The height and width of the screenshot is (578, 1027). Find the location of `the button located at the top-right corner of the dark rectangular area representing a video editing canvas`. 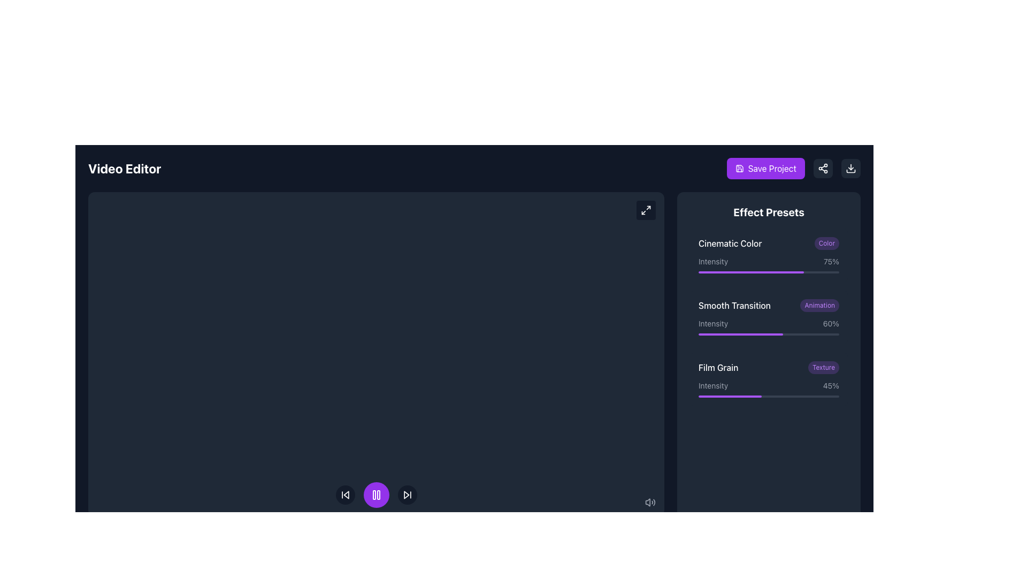

the button located at the top-right corner of the dark rectangular area representing a video editing canvas is located at coordinates (646, 210).